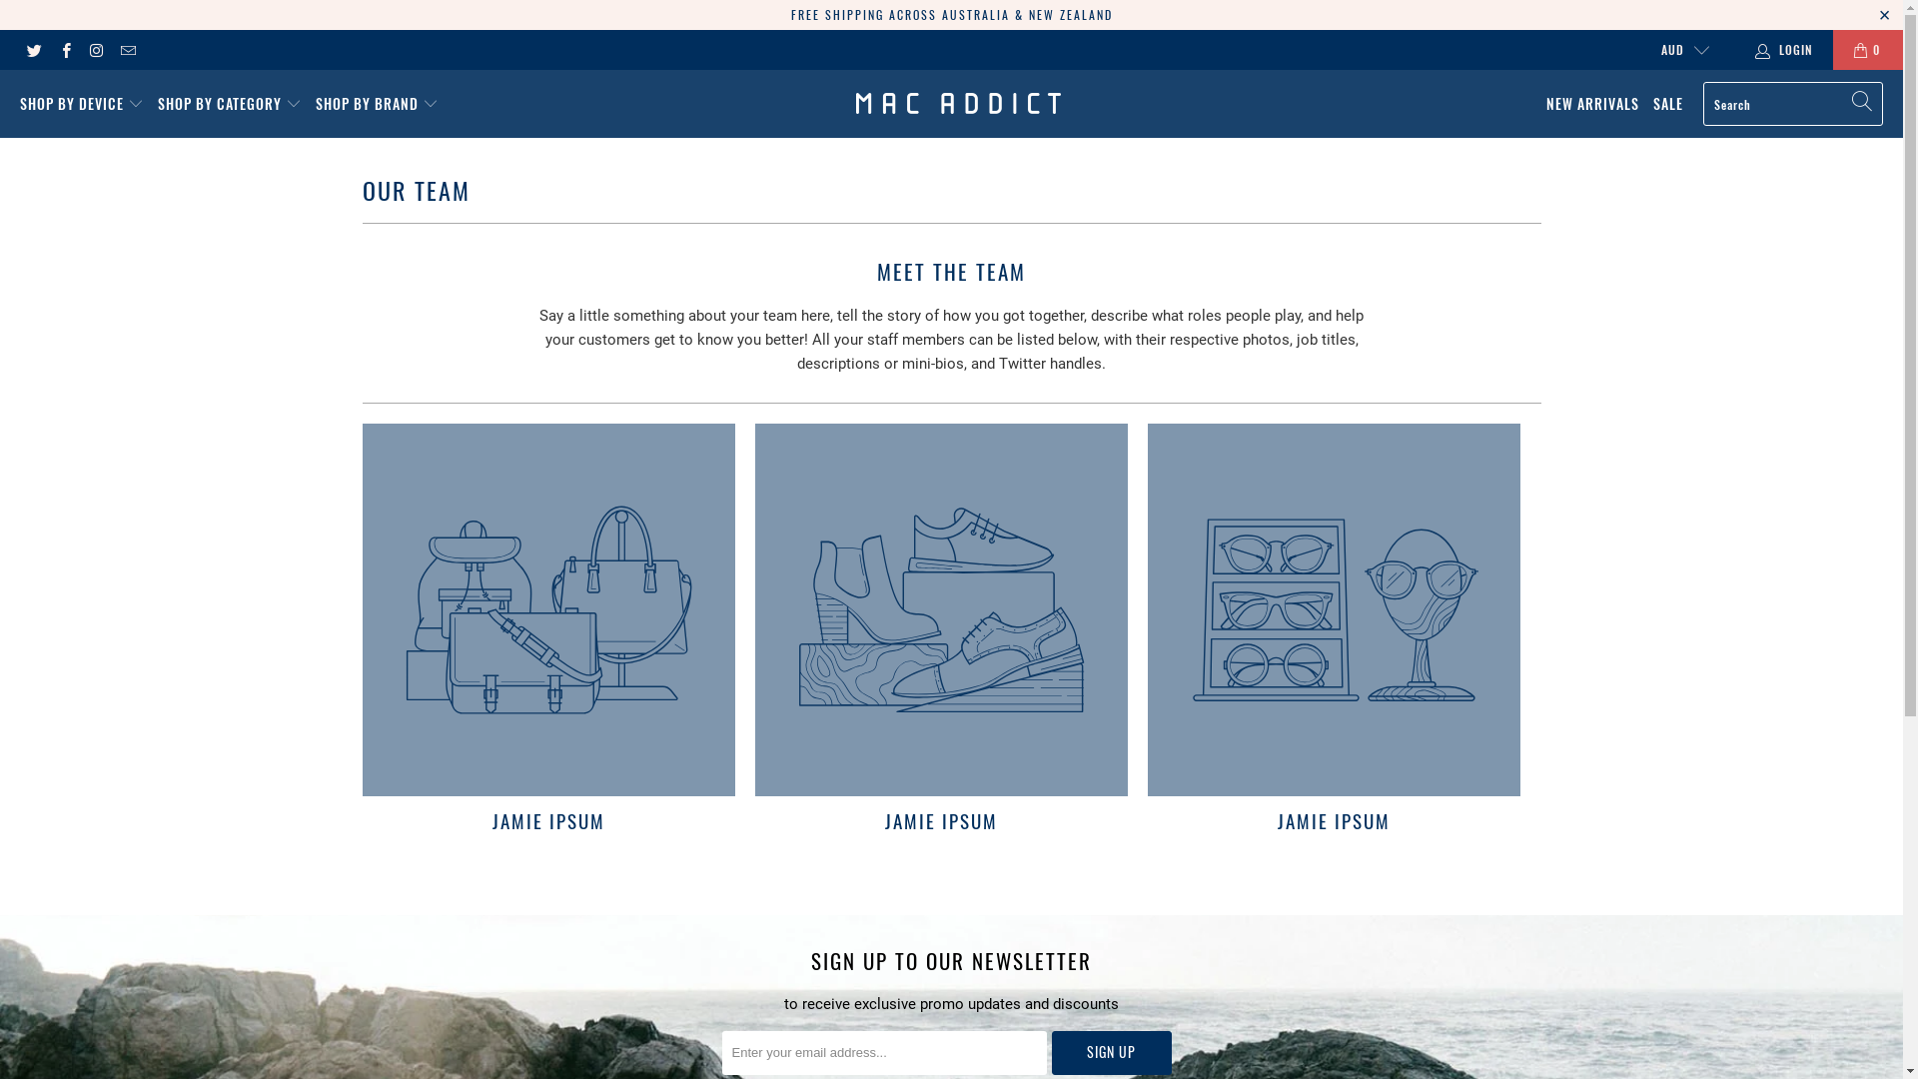 Image resolution: width=1918 pixels, height=1079 pixels. What do you see at coordinates (1867, 49) in the screenshot?
I see `'0'` at bounding box center [1867, 49].